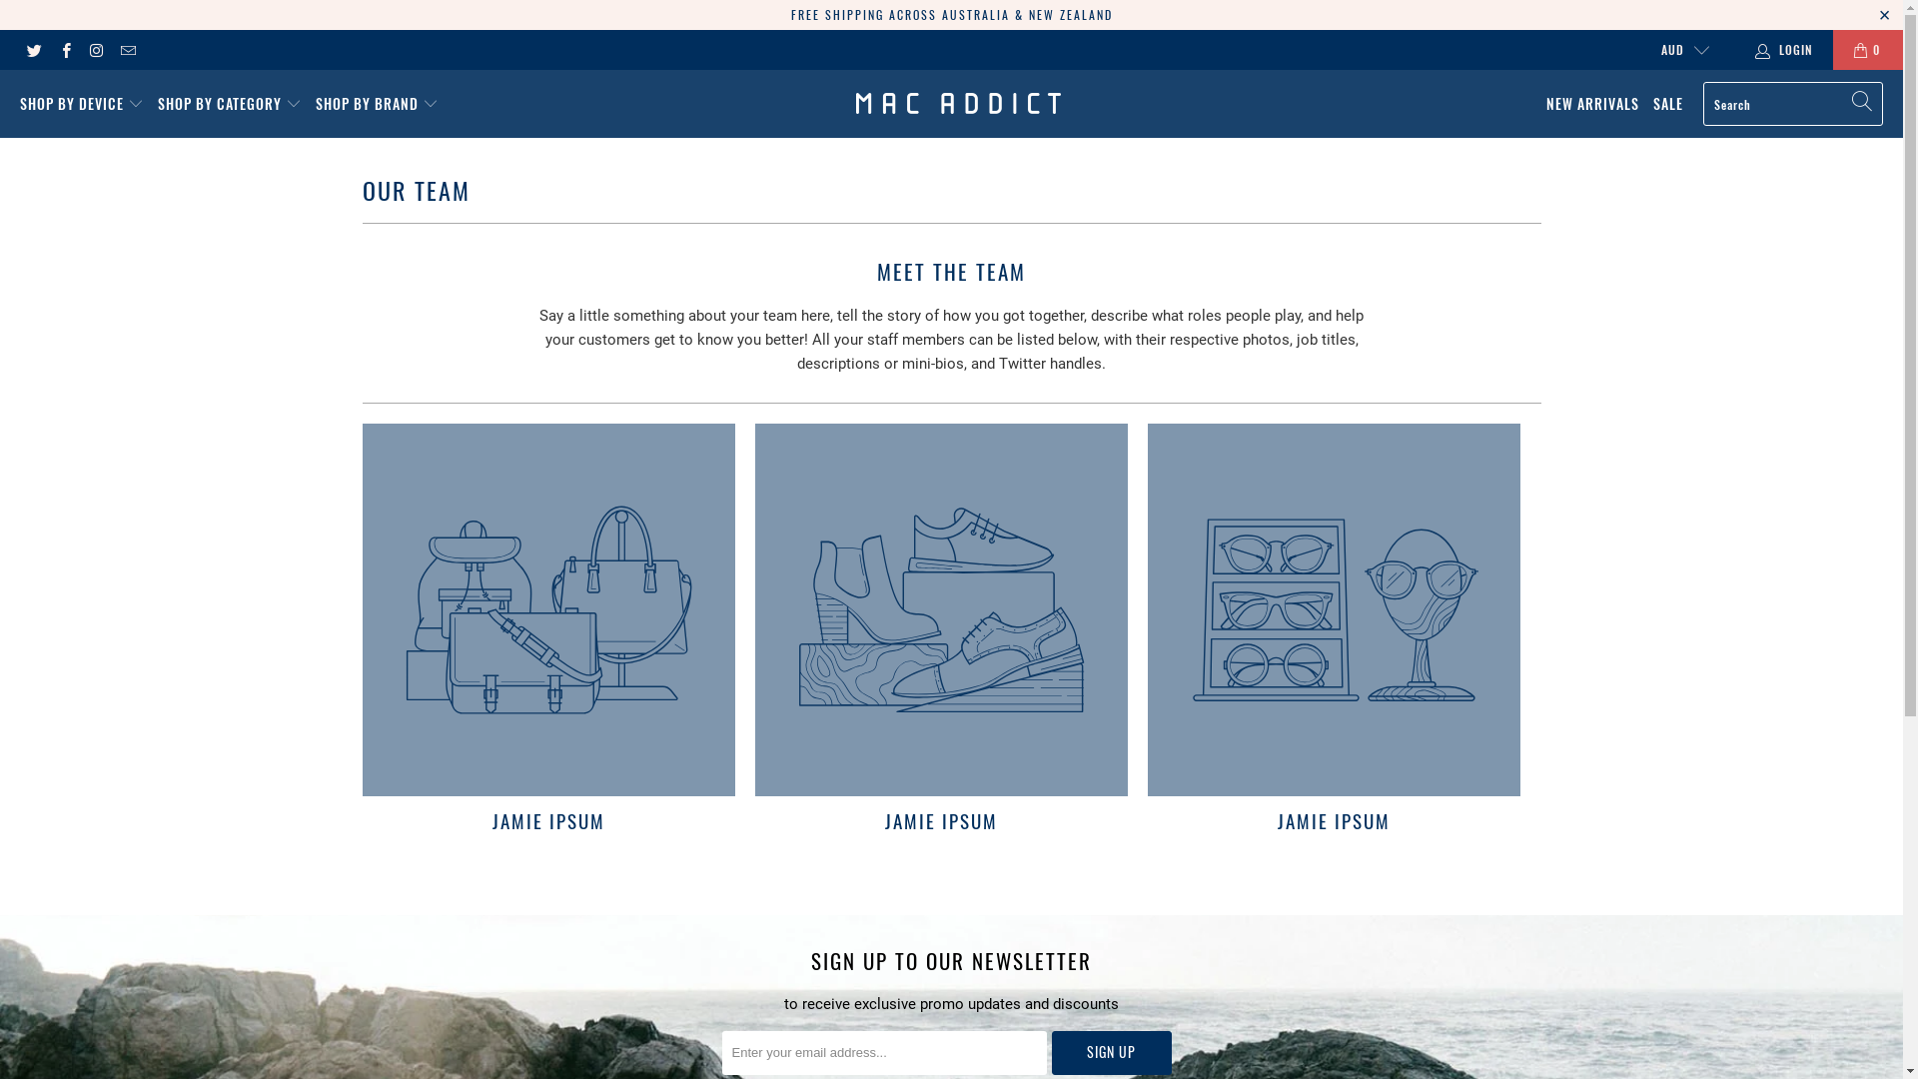 Image resolution: width=1918 pixels, height=1079 pixels. What do you see at coordinates (1867, 49) in the screenshot?
I see `'0'` at bounding box center [1867, 49].